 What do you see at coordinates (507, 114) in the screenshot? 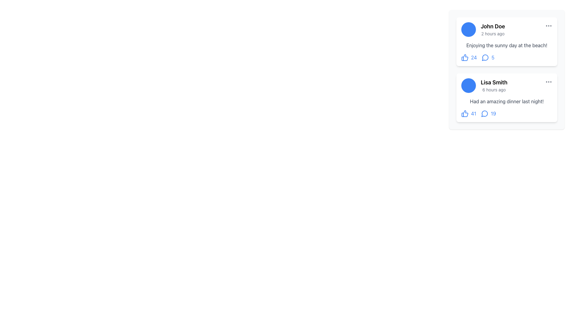
I see `the Interactive Statistic Display containing the numbers '41' and '19' styled in blue text` at bounding box center [507, 114].